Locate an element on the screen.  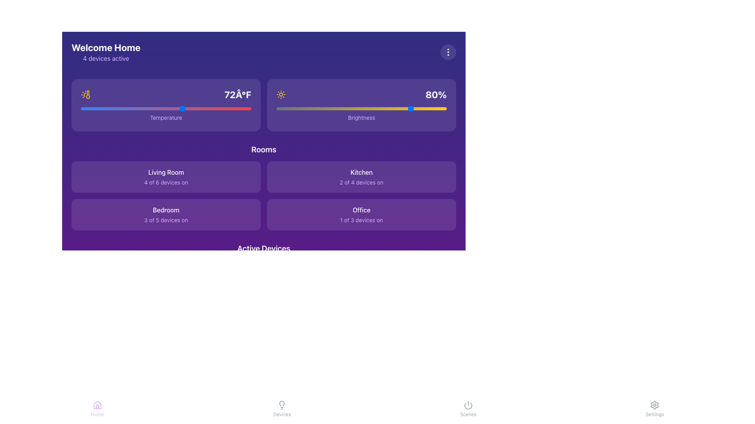
the value of the slider is located at coordinates (132, 109).